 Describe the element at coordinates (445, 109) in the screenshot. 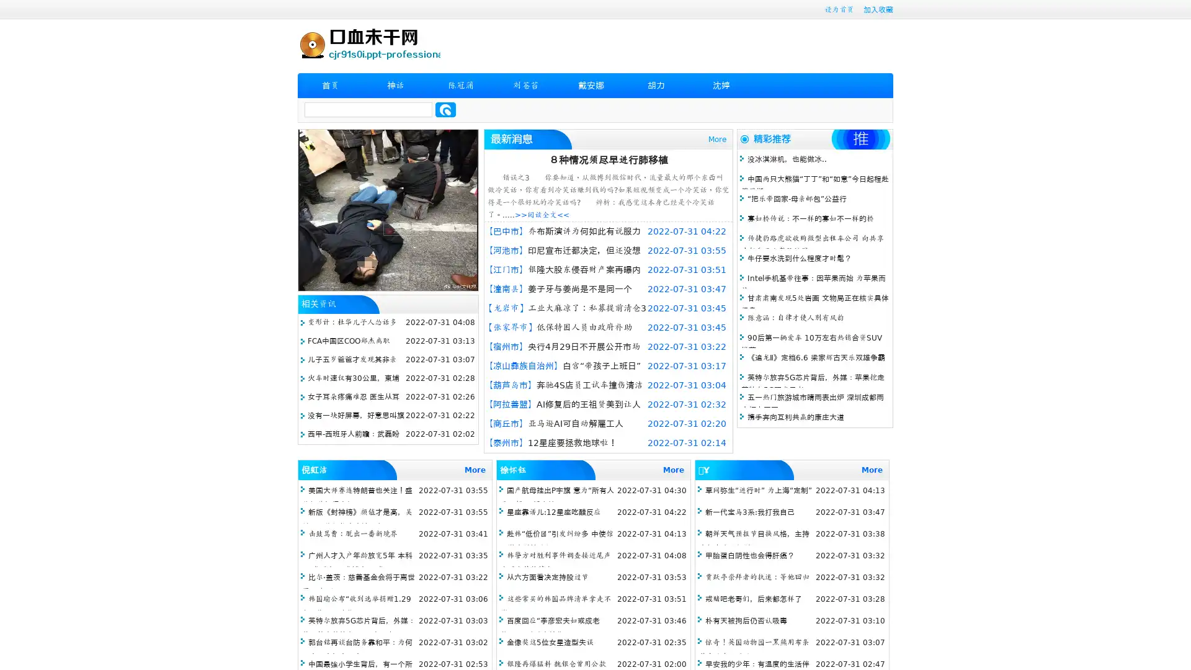

I see `Search` at that location.